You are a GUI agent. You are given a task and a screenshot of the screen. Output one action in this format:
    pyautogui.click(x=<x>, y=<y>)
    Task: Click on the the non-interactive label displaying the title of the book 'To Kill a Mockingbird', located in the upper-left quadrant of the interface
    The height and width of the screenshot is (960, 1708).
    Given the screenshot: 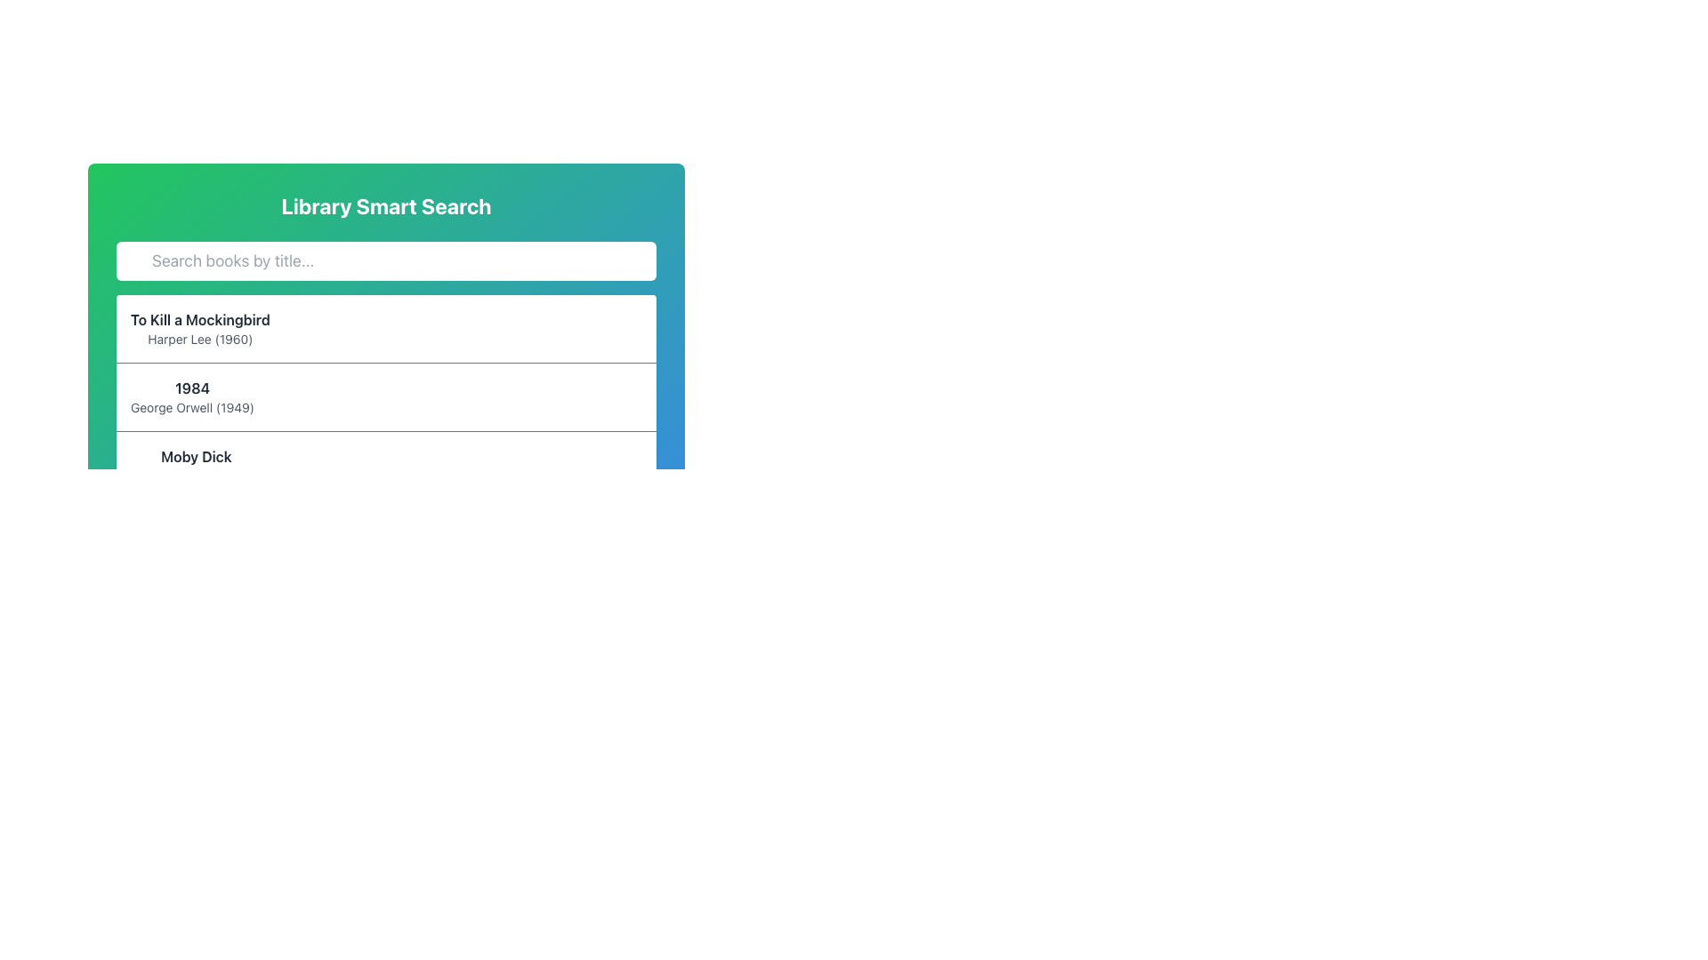 What is the action you would take?
    pyautogui.click(x=200, y=318)
    